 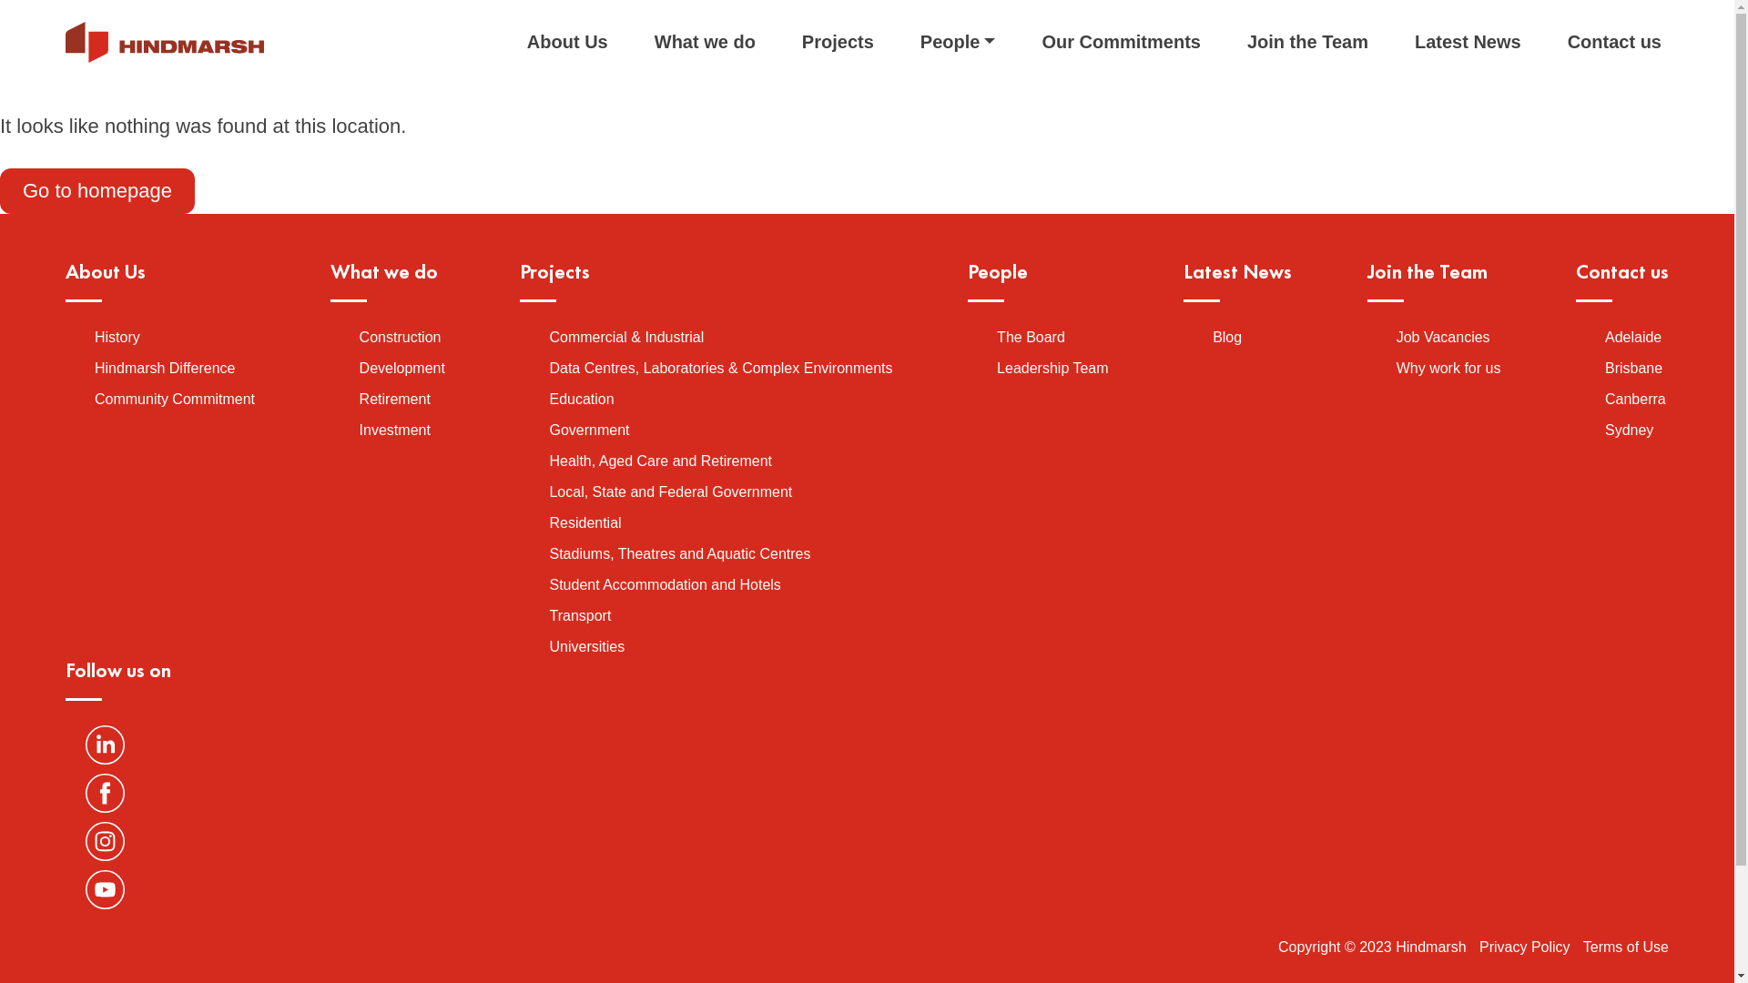 I want to click on 'Blog', so click(x=1227, y=337).